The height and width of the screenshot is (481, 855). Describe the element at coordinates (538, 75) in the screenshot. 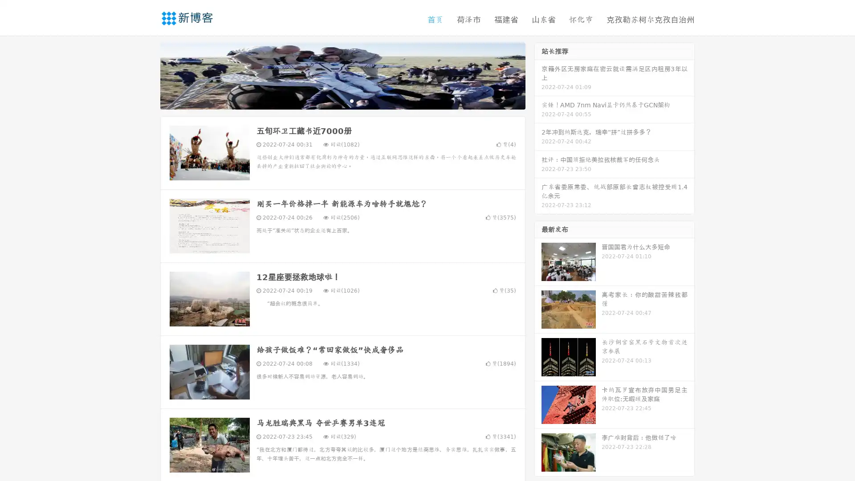

I see `Next slide` at that location.